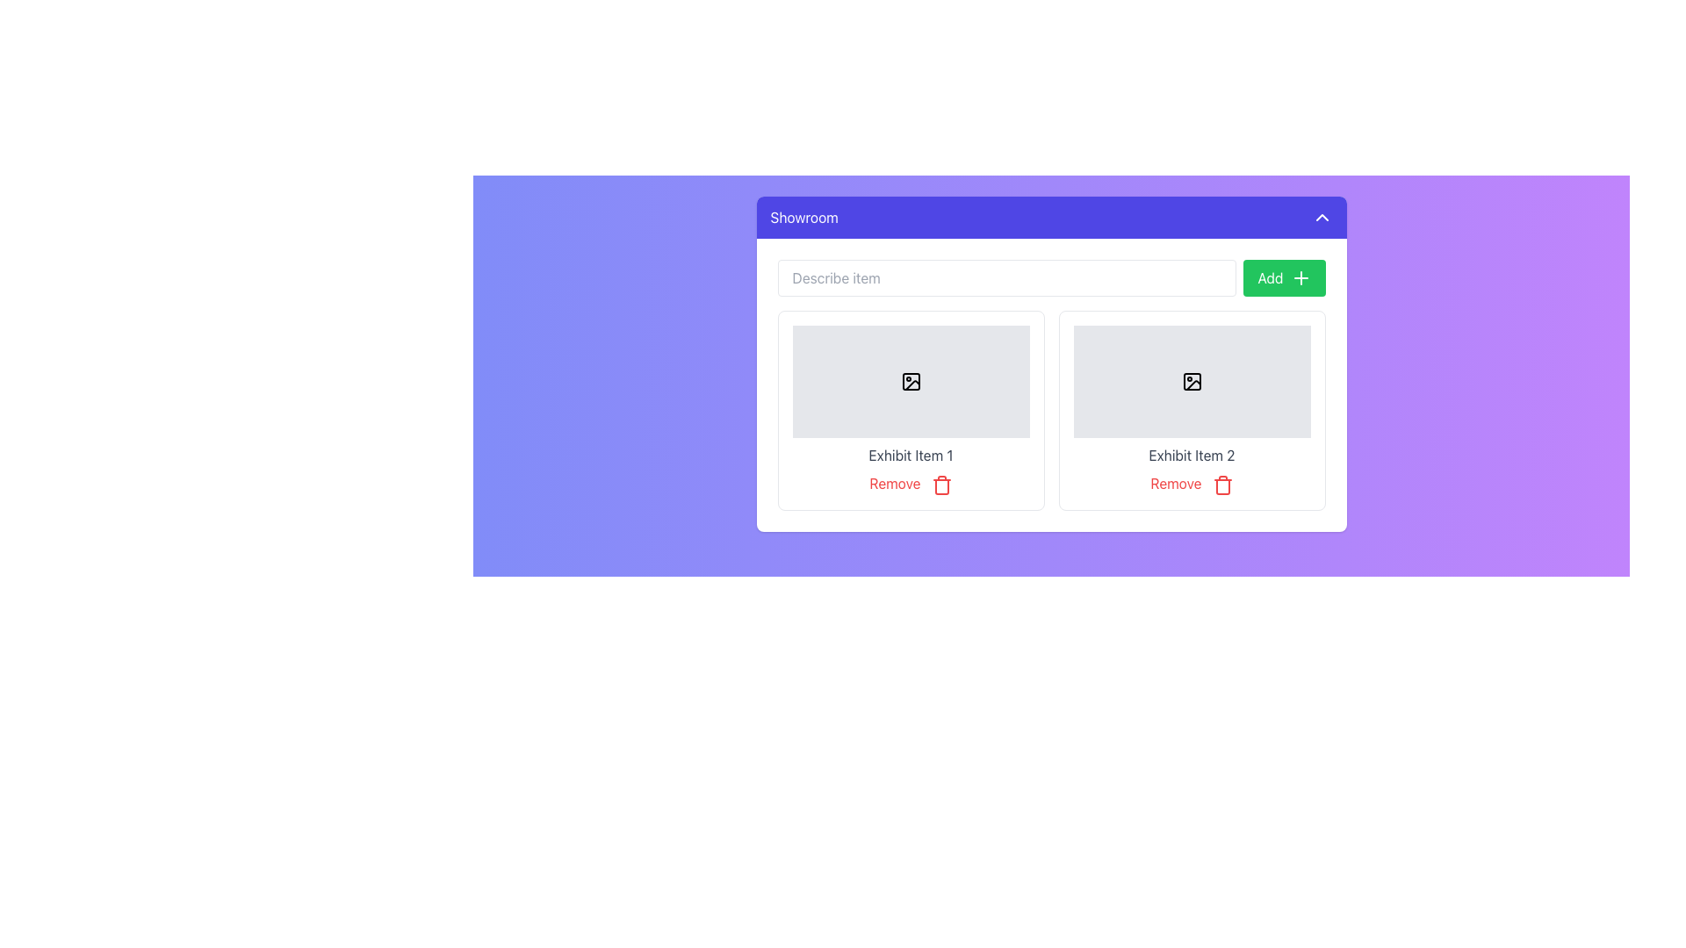 The width and height of the screenshot is (1686, 948). I want to click on the small rounded rectangle with a black stroke and white fill that is embedded within the larger image icon in the second exhibit card on the right-hand side of the horizontal card layout, so click(1192, 381).